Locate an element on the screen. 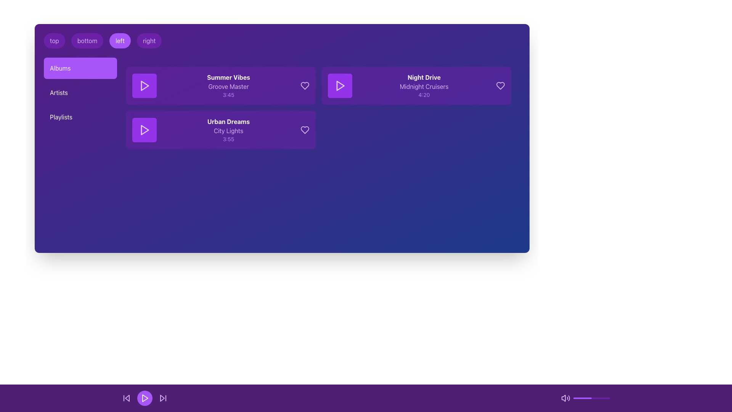 The height and width of the screenshot is (412, 732). the Text label displaying the duration '3:45', which is styled in light purple and located under the 'Groove Master' text related to the 'Summer Vibes' track is located at coordinates (228, 95).